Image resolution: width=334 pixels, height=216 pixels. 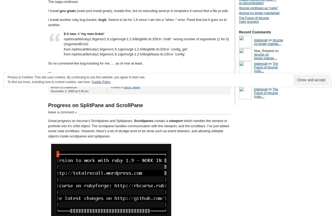 I want to click on 'November 3, 2009 at 5:46 pm', so click(x=69, y=91).